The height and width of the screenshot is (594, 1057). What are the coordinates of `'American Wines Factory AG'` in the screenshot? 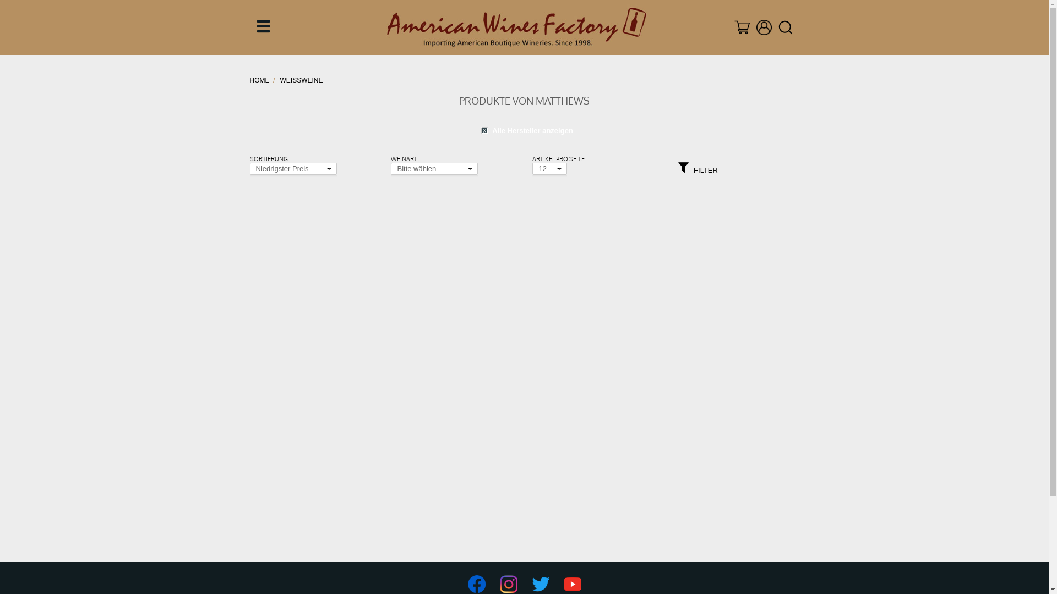 It's located at (516, 27).